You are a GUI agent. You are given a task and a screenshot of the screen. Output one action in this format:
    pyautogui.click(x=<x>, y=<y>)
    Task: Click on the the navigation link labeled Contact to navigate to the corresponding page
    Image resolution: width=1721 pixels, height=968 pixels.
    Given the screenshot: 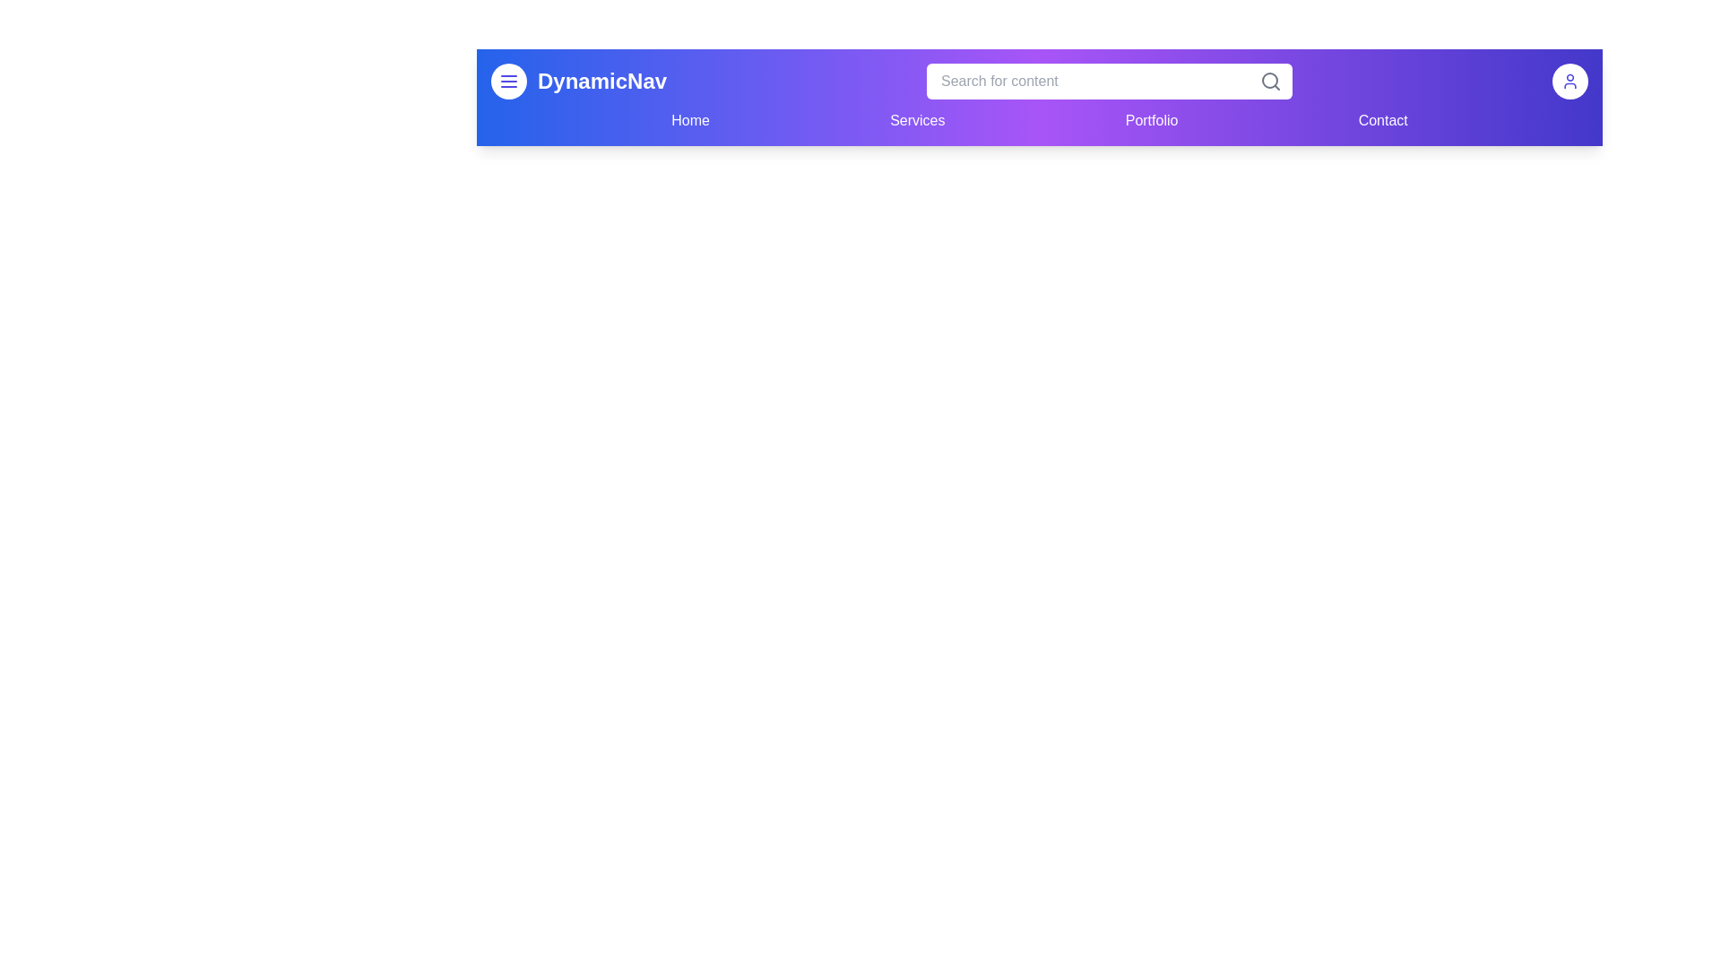 What is the action you would take?
    pyautogui.click(x=1381, y=121)
    